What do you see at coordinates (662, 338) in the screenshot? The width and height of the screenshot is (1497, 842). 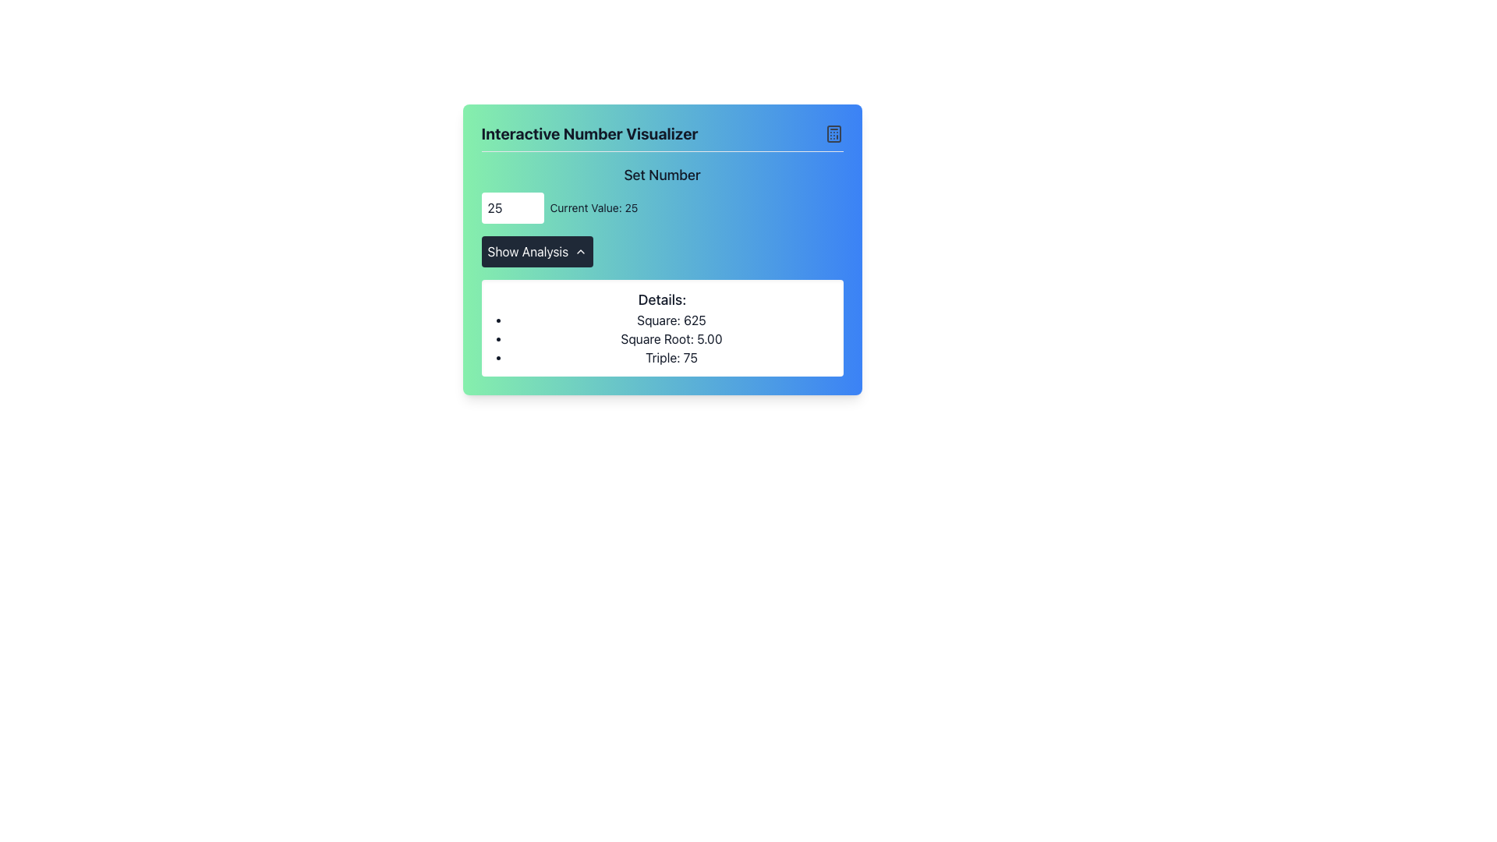 I see `the bulleted list containing the items 'Square: 625', 'Square Root: 5.00', and 'Triple: 75', which is positioned below the 'Details:' section` at bounding box center [662, 338].